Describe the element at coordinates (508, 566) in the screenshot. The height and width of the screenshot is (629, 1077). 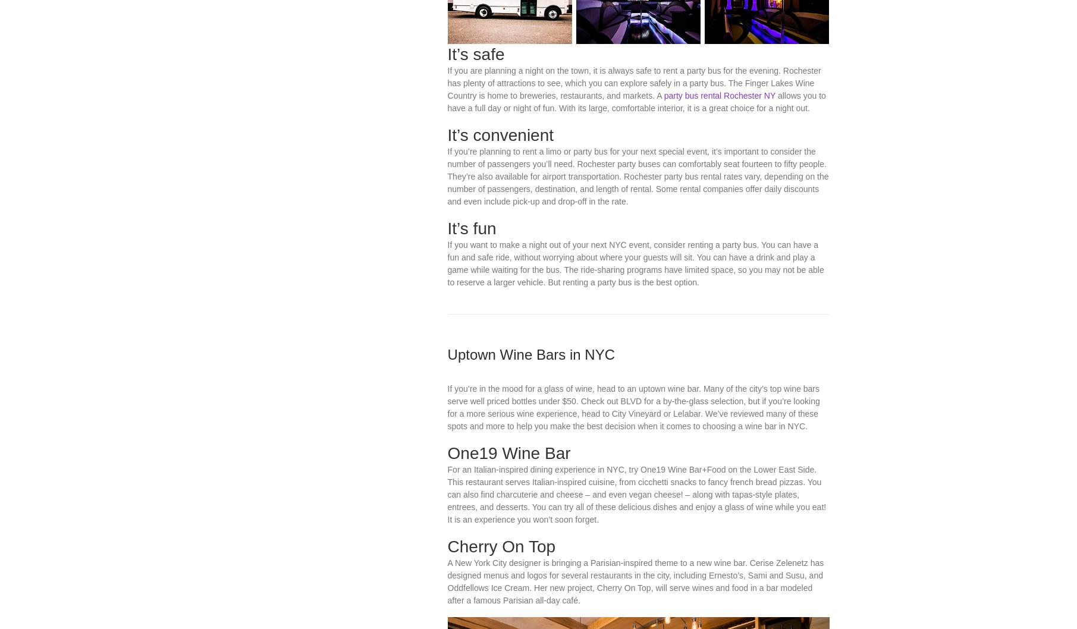
I see `'One19 Wine Bar'` at that location.